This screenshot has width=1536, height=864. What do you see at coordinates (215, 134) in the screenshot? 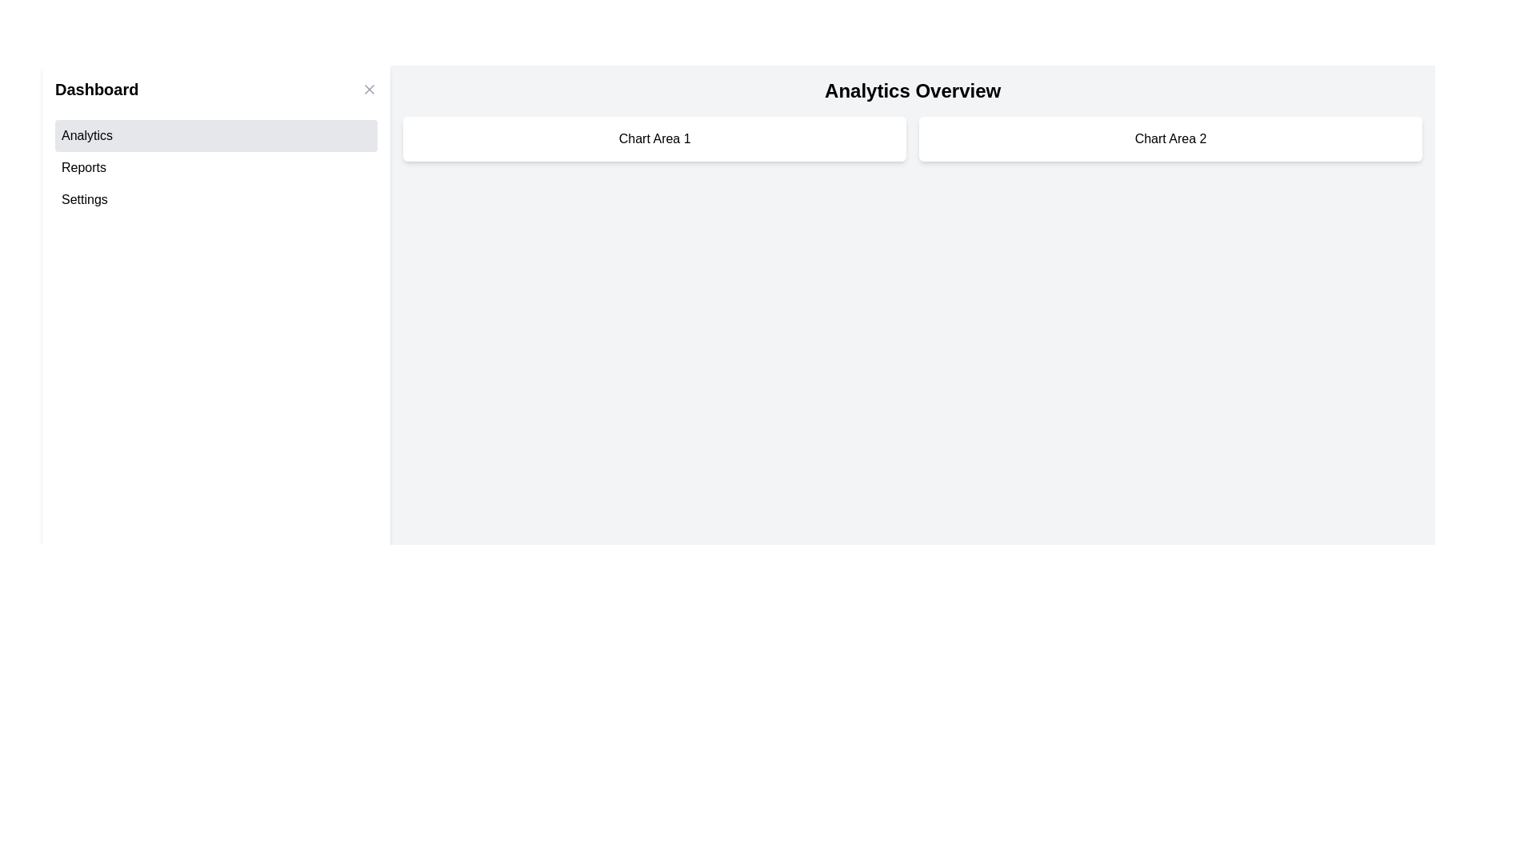
I see `the 'Analytics' button, which is a light gray rectangular button with rounded corners located in the left sidebar under the 'Dashboard' section` at bounding box center [215, 134].